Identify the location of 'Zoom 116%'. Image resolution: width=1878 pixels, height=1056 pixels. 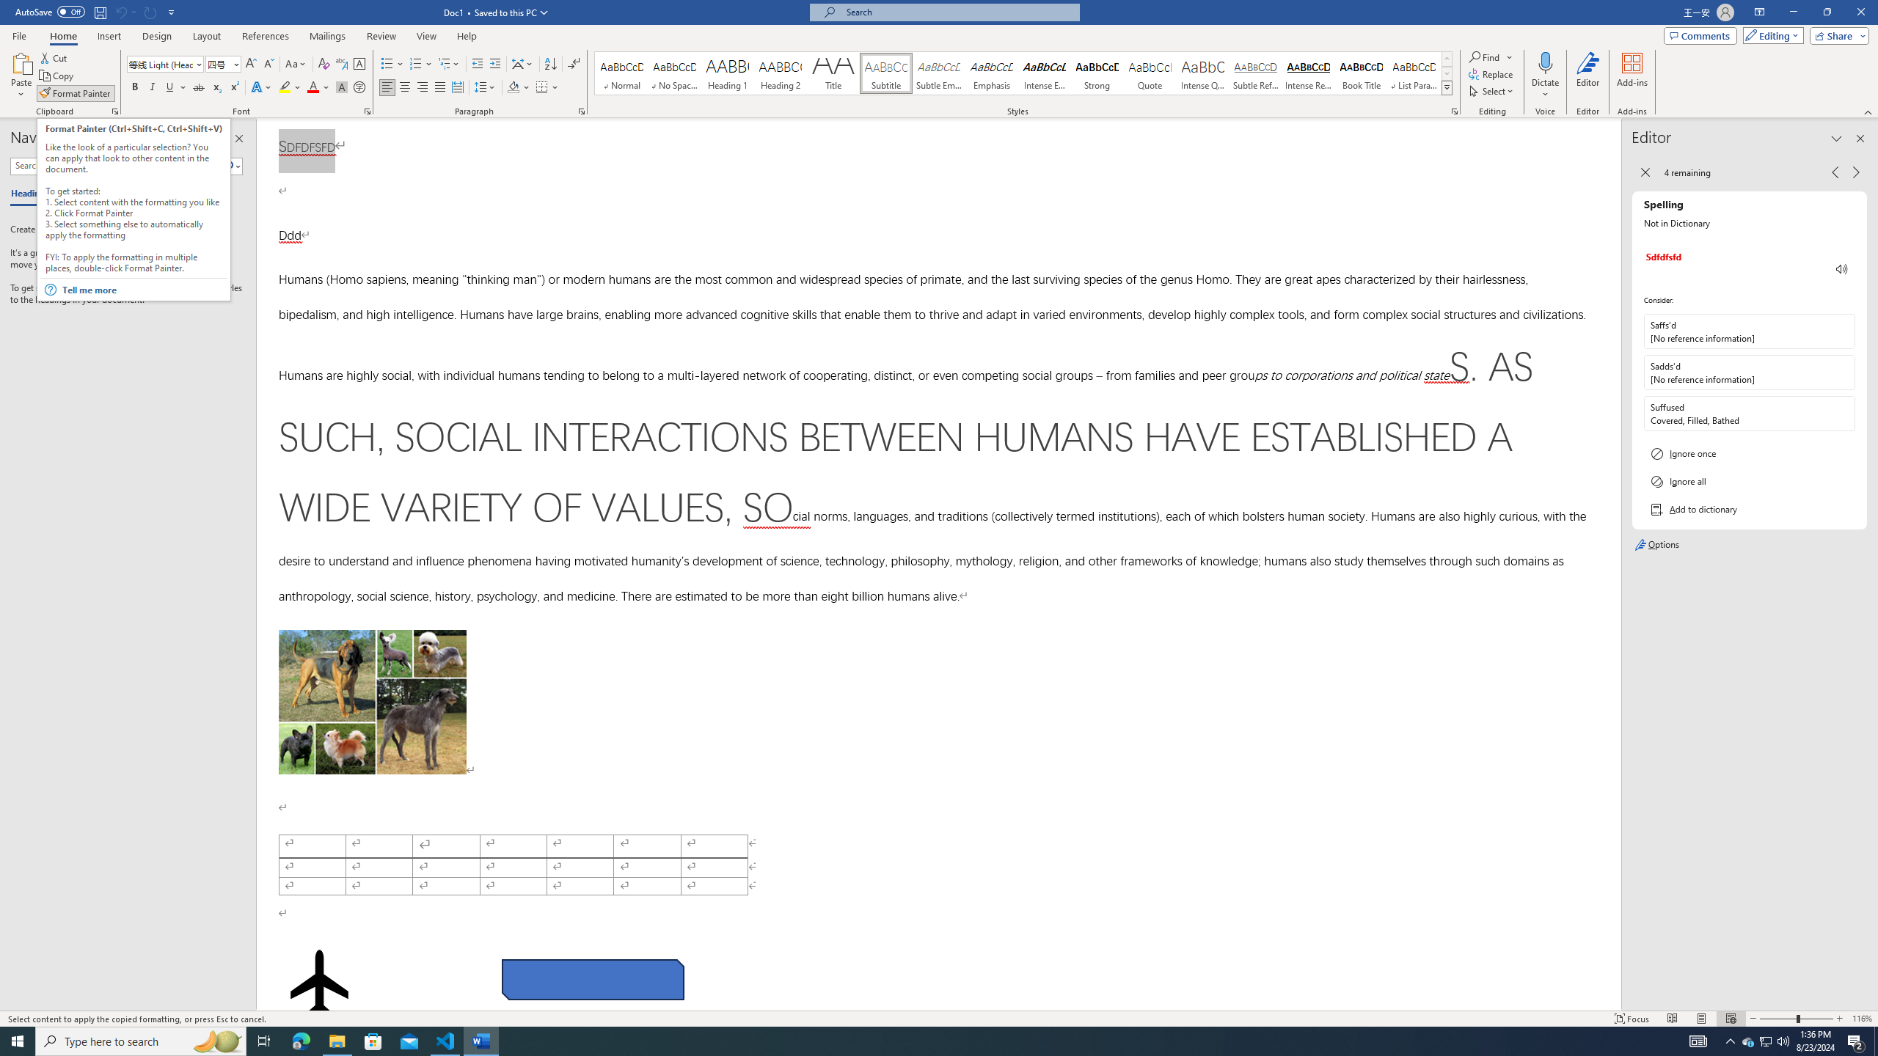
(1861, 1019).